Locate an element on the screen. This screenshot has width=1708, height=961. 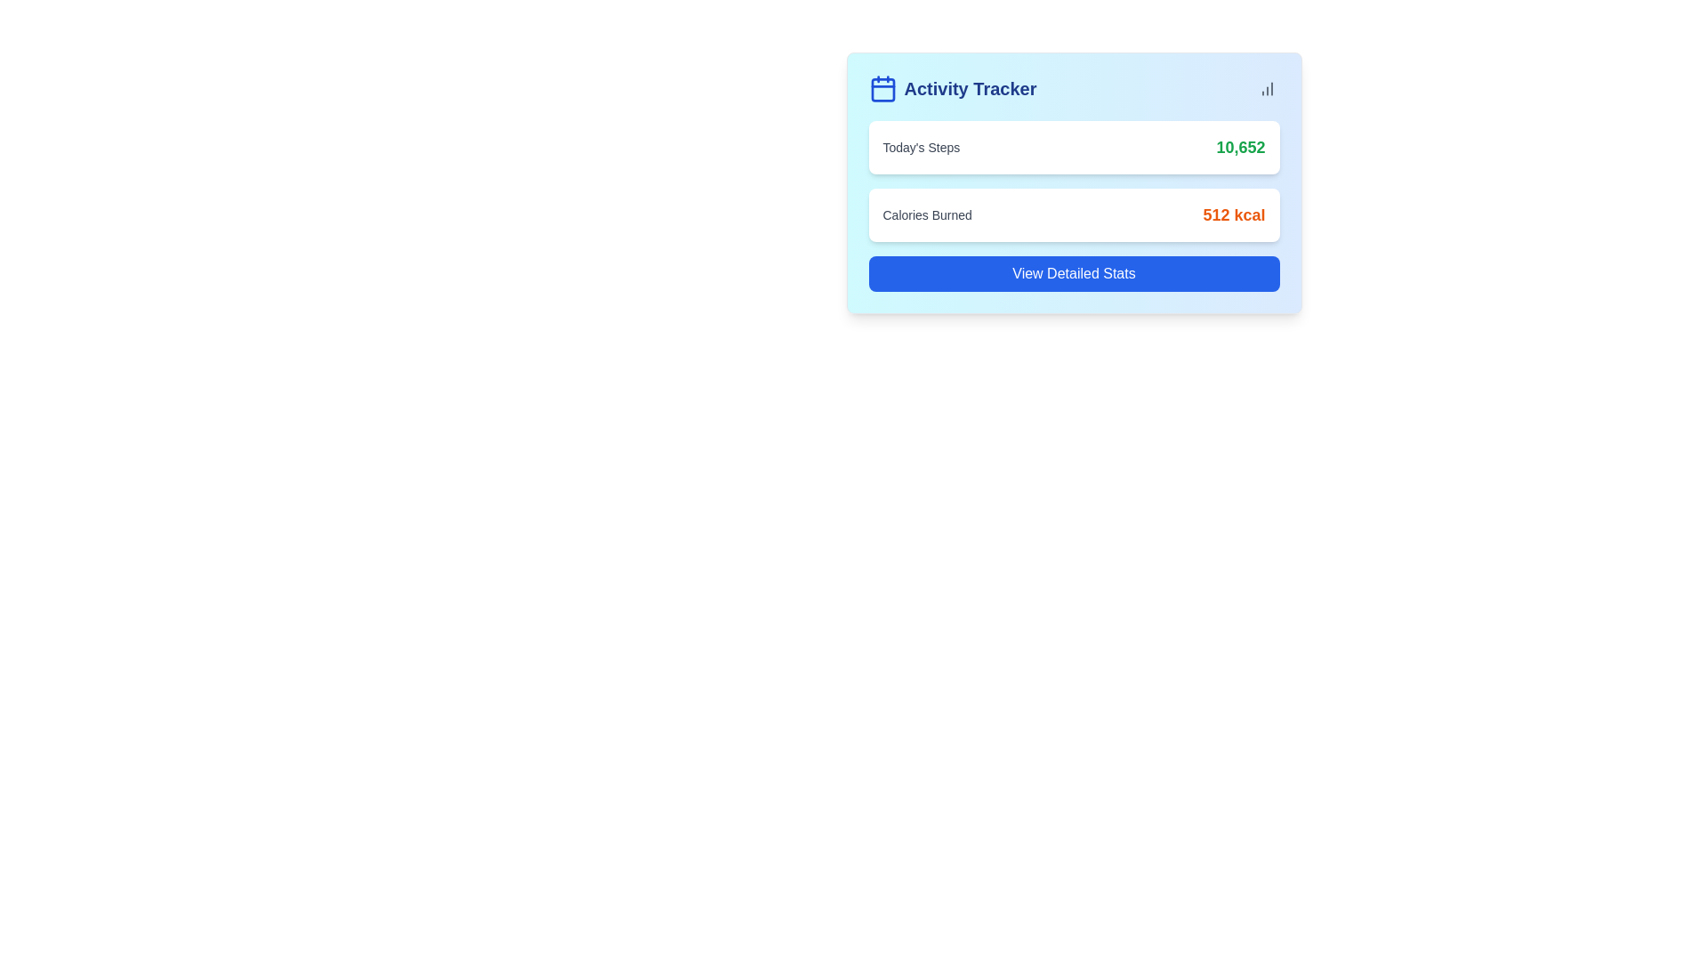
the 'Activity Tracker' text label, which is styled in bold dark blue and positioned next to a calendar icon in a card-like interface is located at coordinates (969, 89).